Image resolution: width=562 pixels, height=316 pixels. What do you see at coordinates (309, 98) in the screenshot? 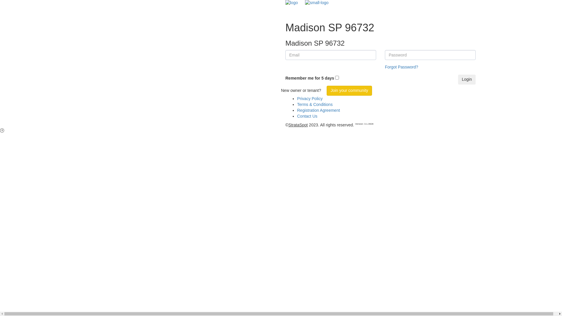
I see `'Privacy Policy'` at bounding box center [309, 98].